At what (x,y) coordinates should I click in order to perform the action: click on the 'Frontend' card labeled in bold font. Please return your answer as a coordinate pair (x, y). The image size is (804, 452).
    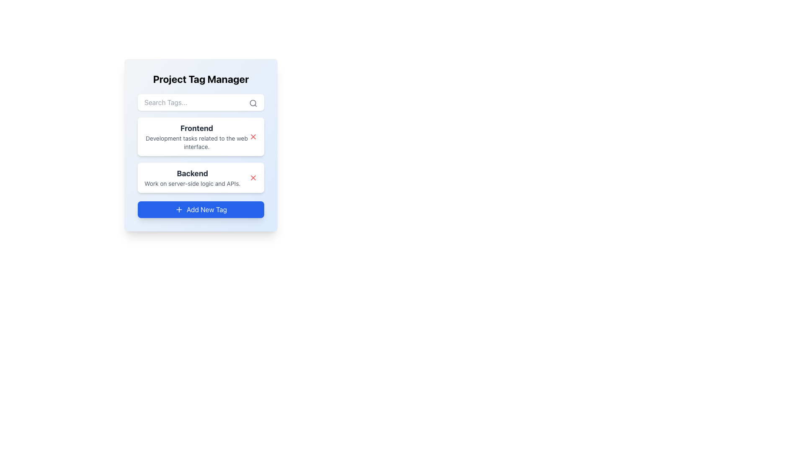
    Looking at the image, I should click on (201, 155).